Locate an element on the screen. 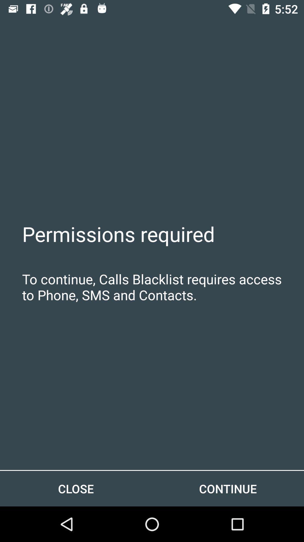 This screenshot has height=542, width=304. the close icon is located at coordinates (76, 488).